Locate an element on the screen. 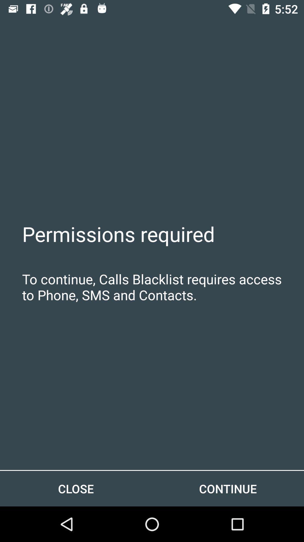 This screenshot has height=542, width=304. the close icon is located at coordinates (76, 488).